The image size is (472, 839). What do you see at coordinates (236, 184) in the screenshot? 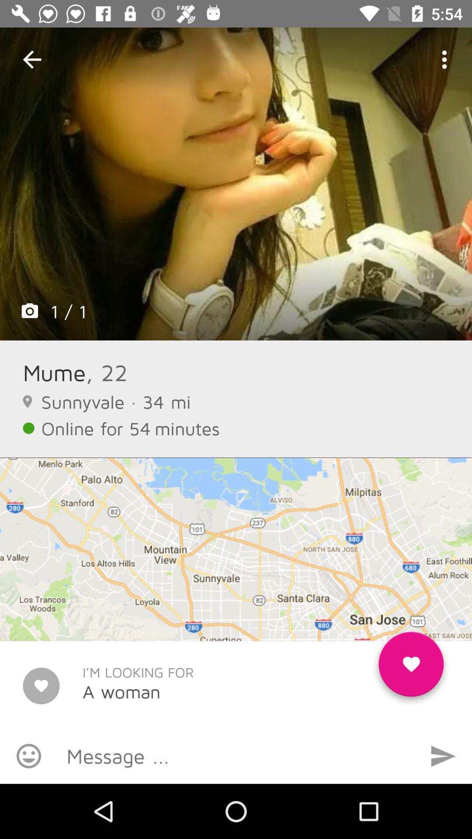
I see `enlarge picture` at bounding box center [236, 184].